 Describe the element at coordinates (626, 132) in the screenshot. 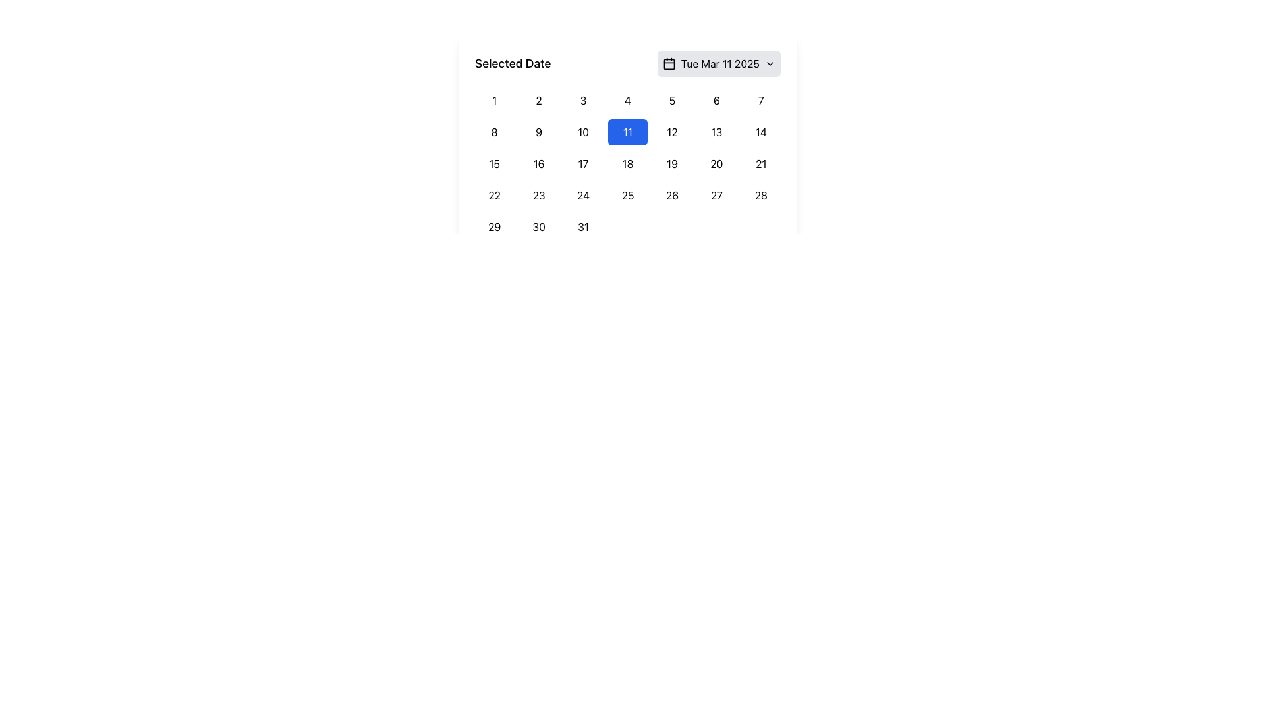

I see `the blue button labeled '11'` at that location.